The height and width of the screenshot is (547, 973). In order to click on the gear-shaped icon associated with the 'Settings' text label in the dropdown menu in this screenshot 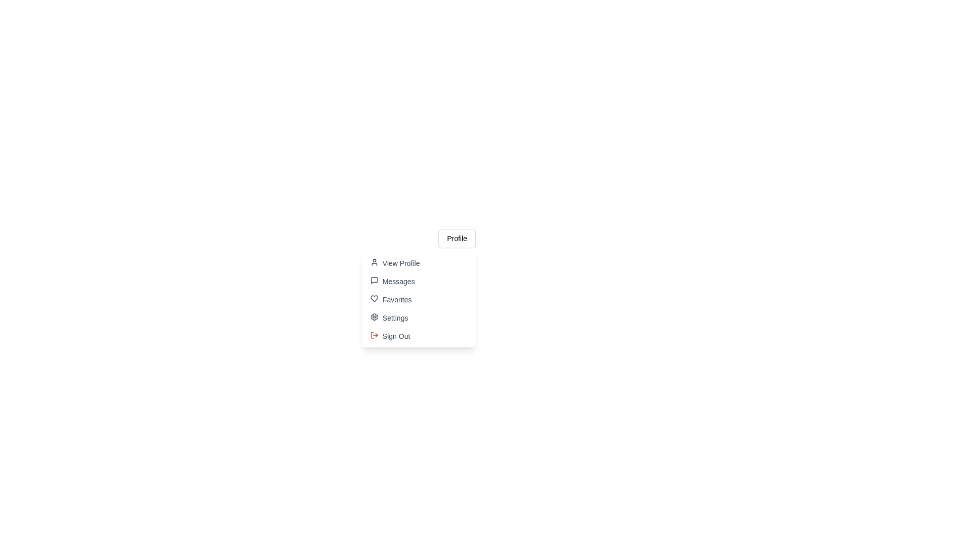, I will do `click(373, 316)`.